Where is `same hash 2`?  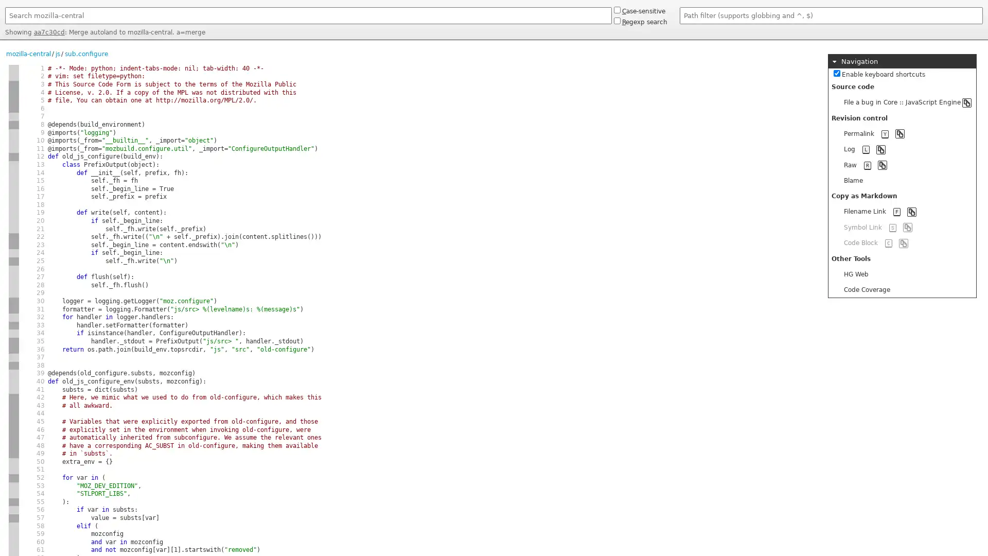 same hash 2 is located at coordinates (14, 405).